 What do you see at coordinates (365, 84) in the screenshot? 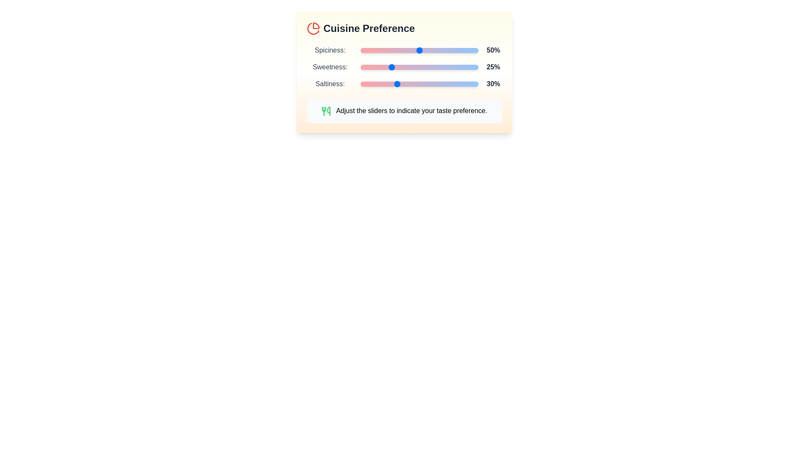
I see `the saltiness slider to 4%` at bounding box center [365, 84].